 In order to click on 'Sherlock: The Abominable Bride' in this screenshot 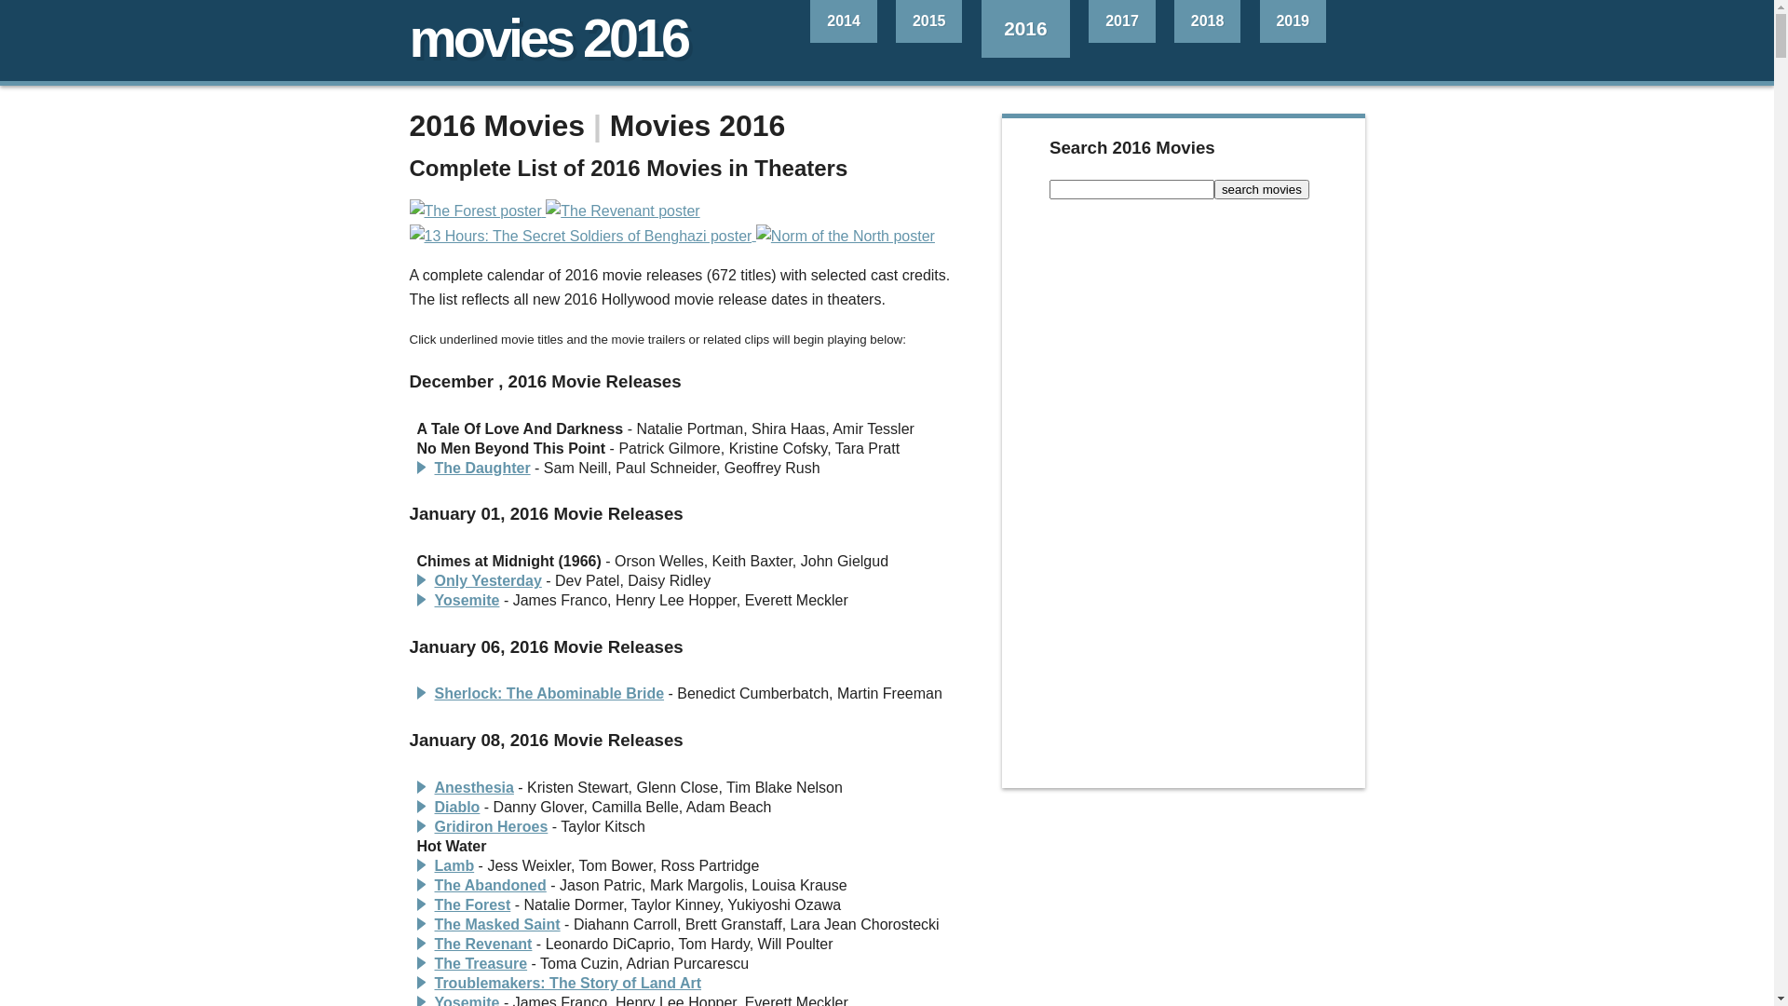, I will do `click(548, 693)`.